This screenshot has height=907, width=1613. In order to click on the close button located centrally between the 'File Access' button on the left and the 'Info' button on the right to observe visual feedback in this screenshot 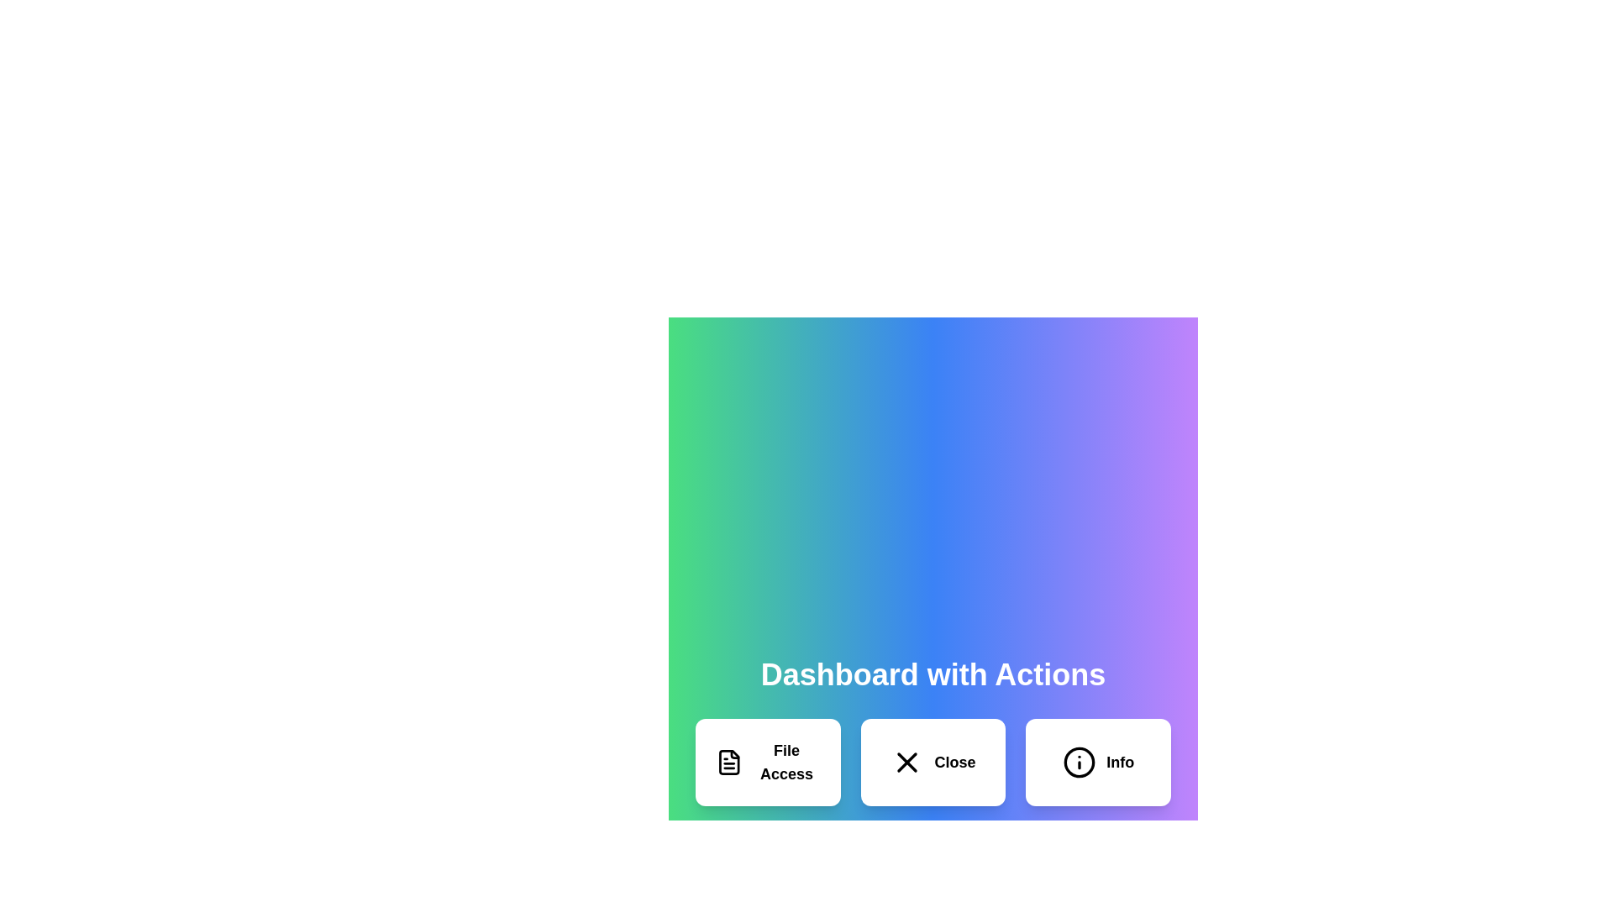, I will do `click(932, 762)`.